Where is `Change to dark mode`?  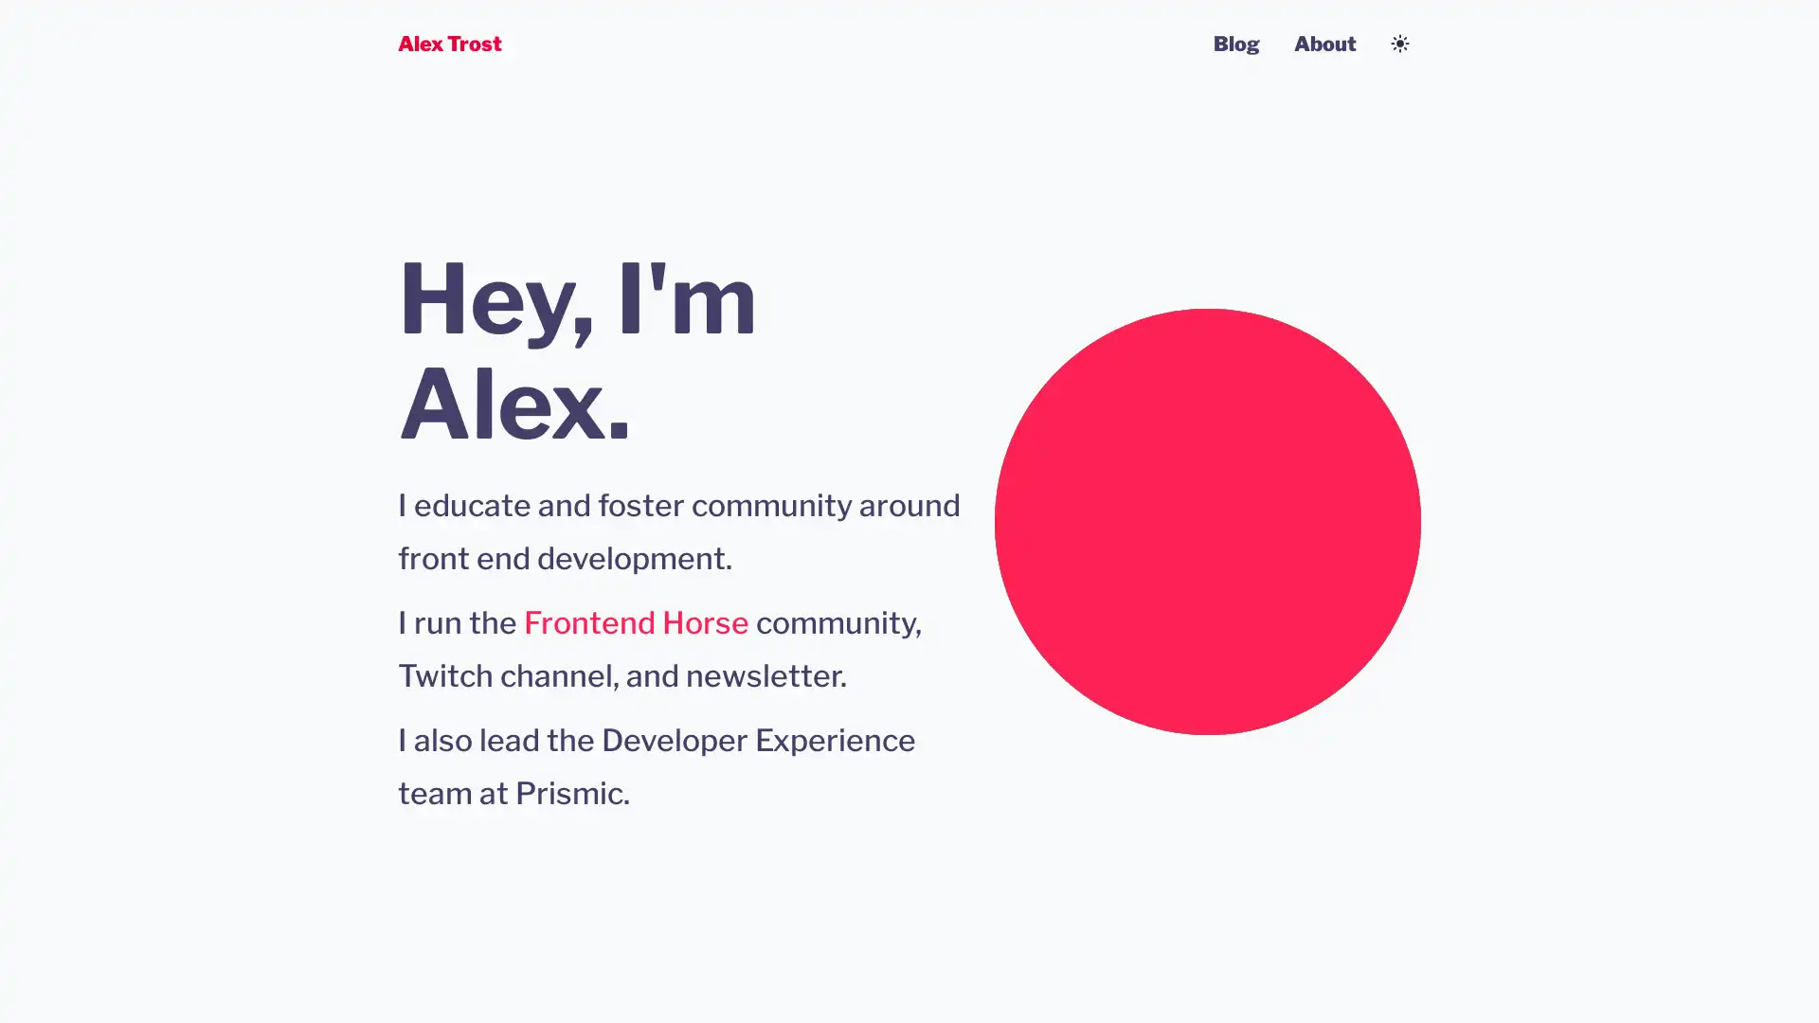 Change to dark mode is located at coordinates (1400, 43).